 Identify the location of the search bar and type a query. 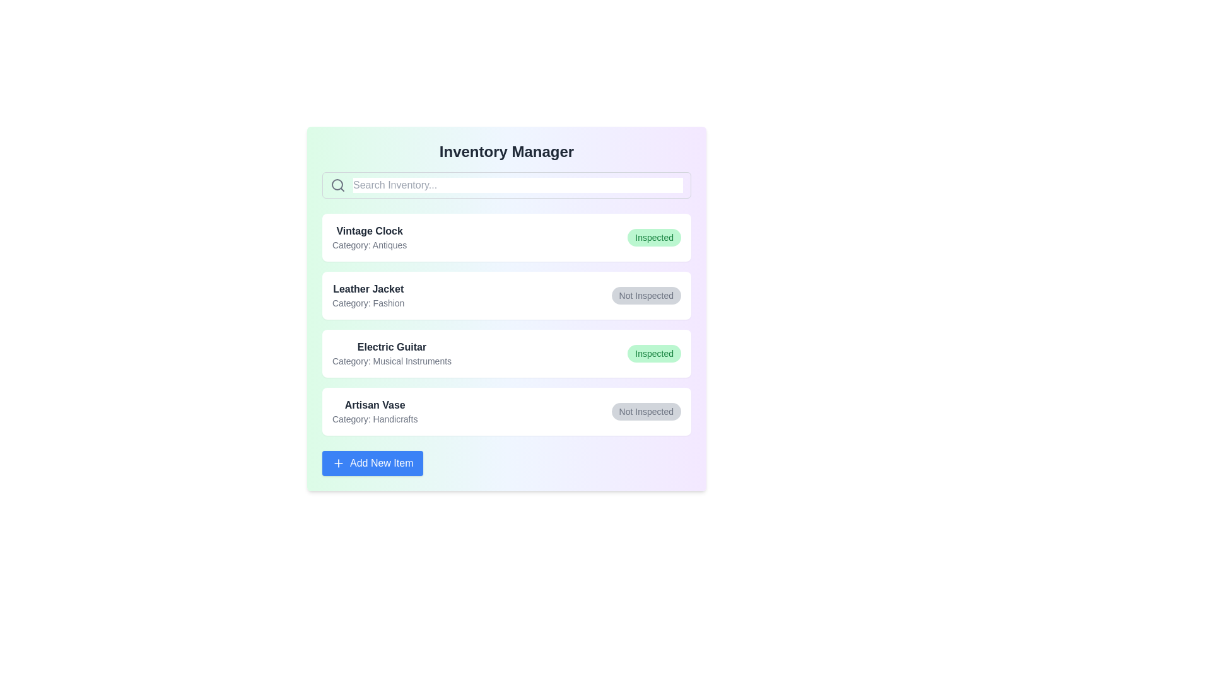
(518, 185).